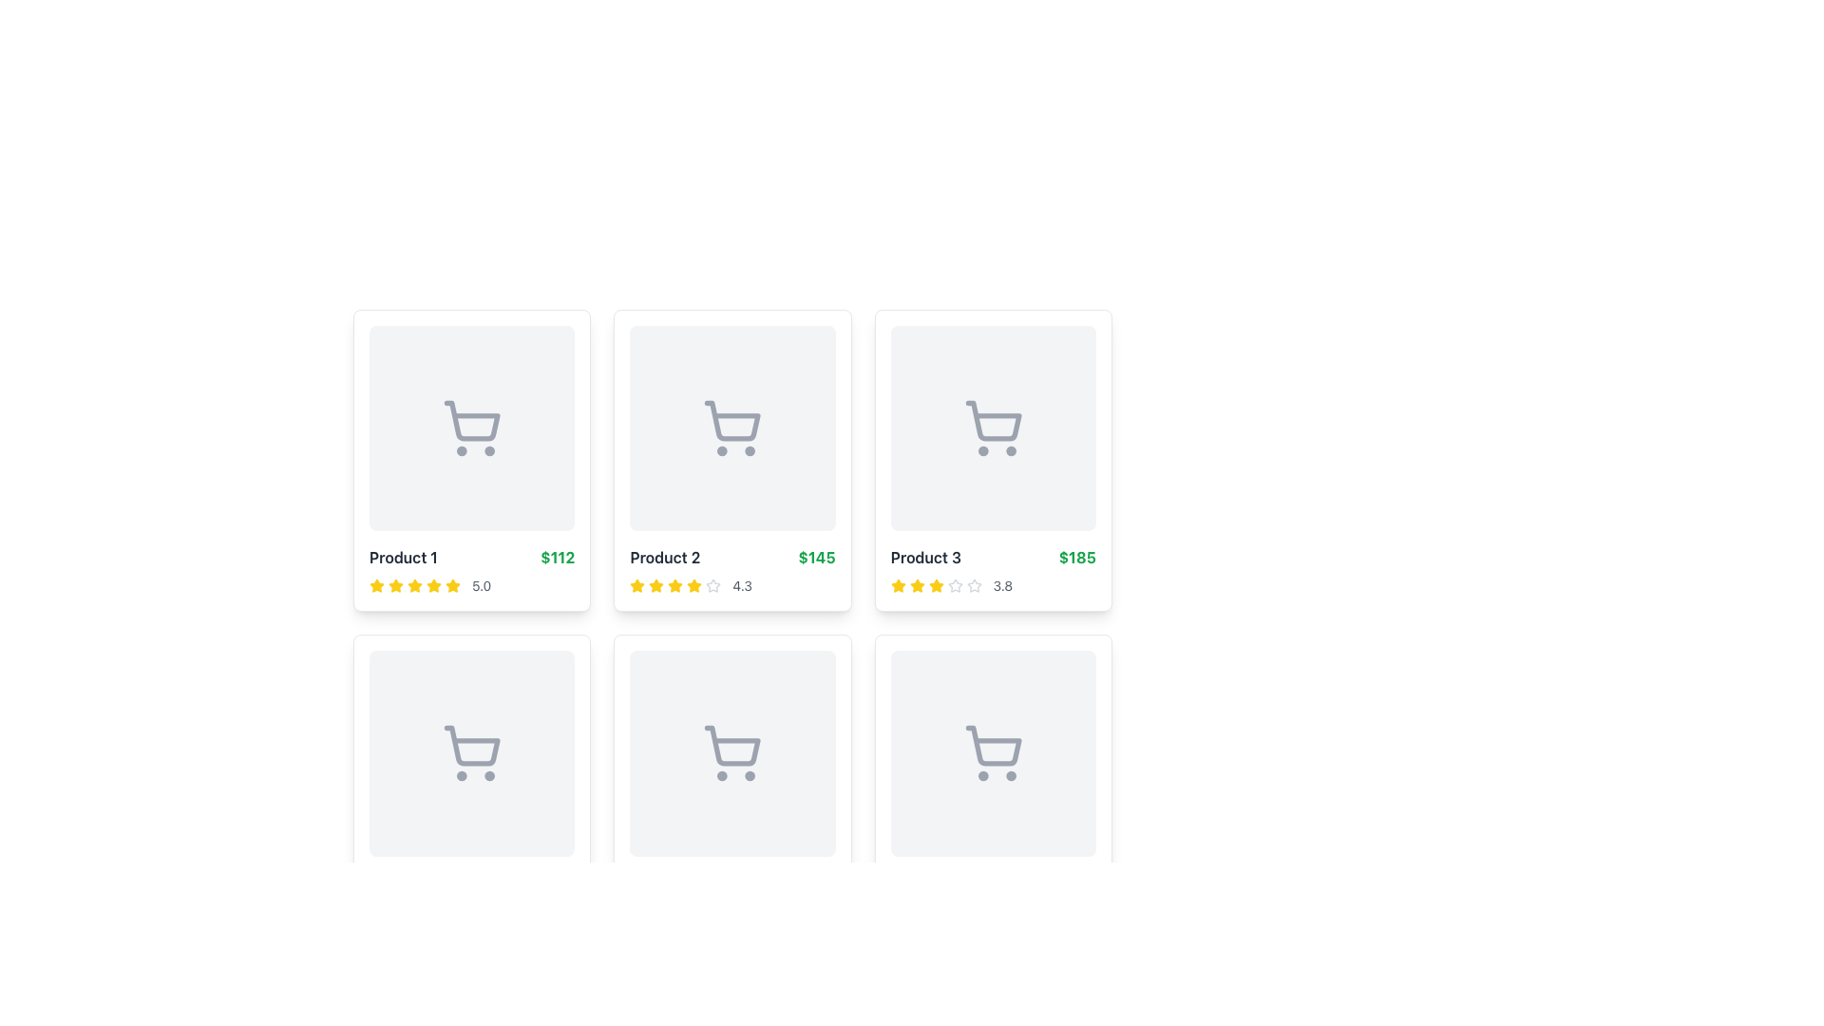 This screenshot has height=1026, width=1824. I want to click on the product card labeled 'Product 2' which contains a shopping cart icon, the price '$145' in green, and a rating of '4.3' with four yellow stars, so click(731, 461).